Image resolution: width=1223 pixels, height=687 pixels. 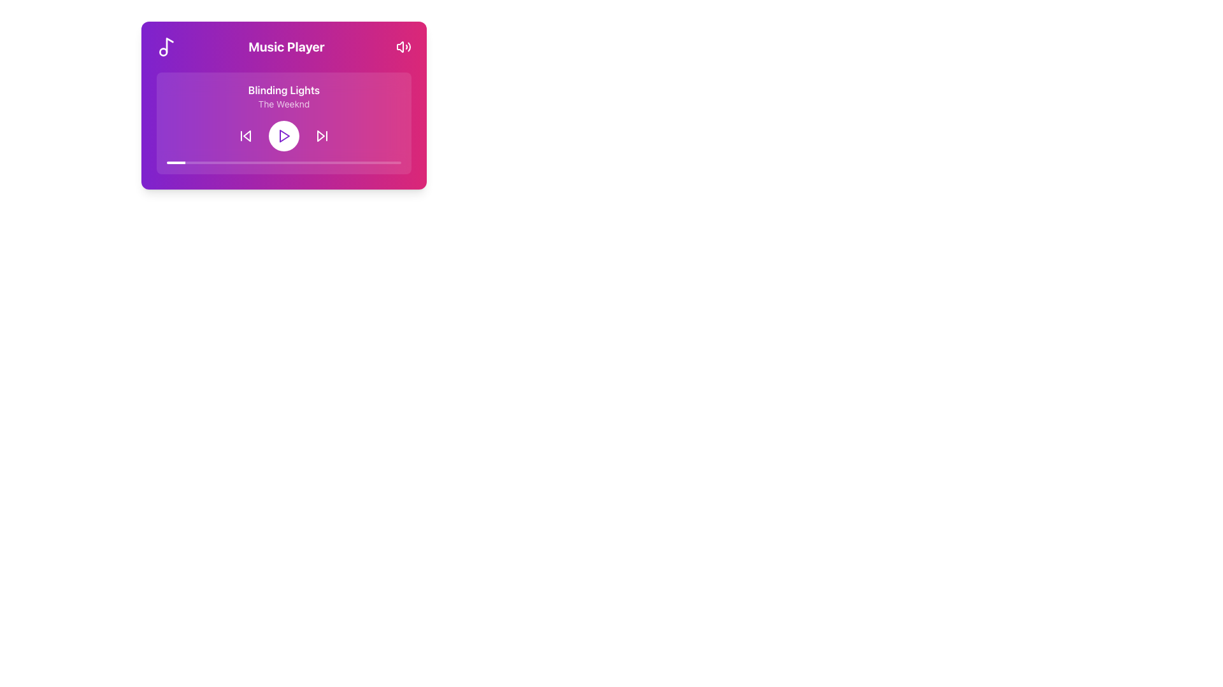 I want to click on the triangular play button icon, which is dark purple and located at the center of the music player interface, to play or pause the music, so click(x=283, y=135).